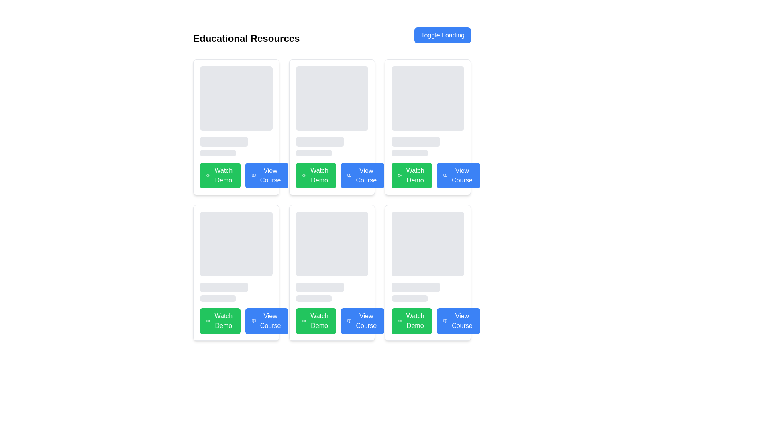 The image size is (771, 434). I want to click on the open book icon with a modern line style design, located to the left of the 'View Course' text within the blue button, so click(253, 175).